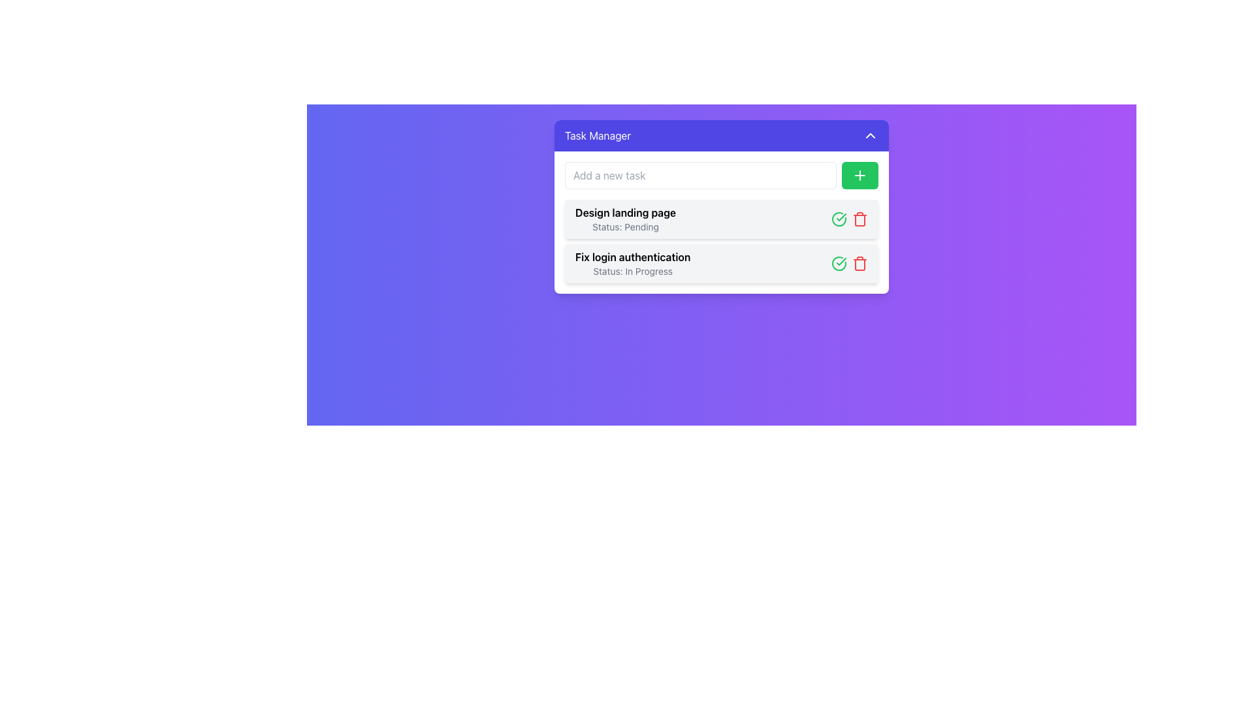 This screenshot has width=1254, height=705. I want to click on the green checkmark icon in the circular design, indicating a completed task for the 'Design landing page', so click(839, 264).